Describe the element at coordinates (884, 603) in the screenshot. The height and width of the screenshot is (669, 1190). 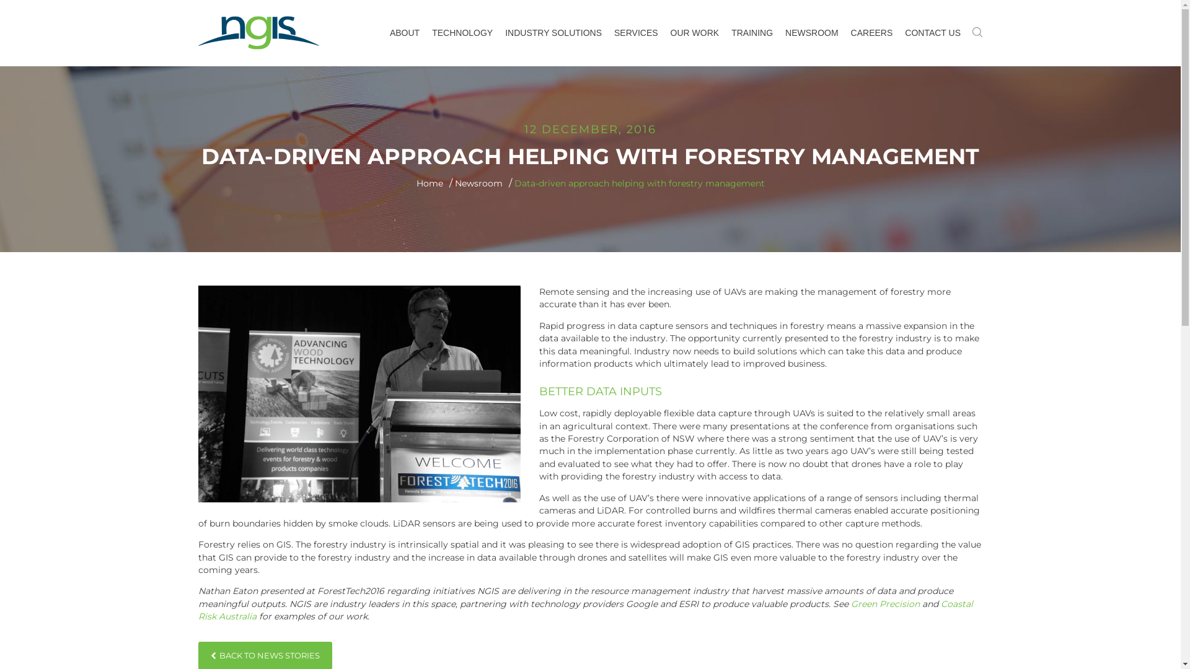
I see `'Green Precision'` at that location.